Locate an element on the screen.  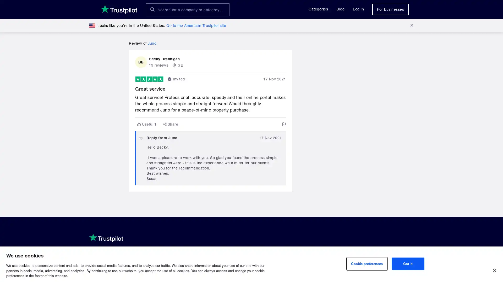
Flag this review is located at coordinates (283, 124).